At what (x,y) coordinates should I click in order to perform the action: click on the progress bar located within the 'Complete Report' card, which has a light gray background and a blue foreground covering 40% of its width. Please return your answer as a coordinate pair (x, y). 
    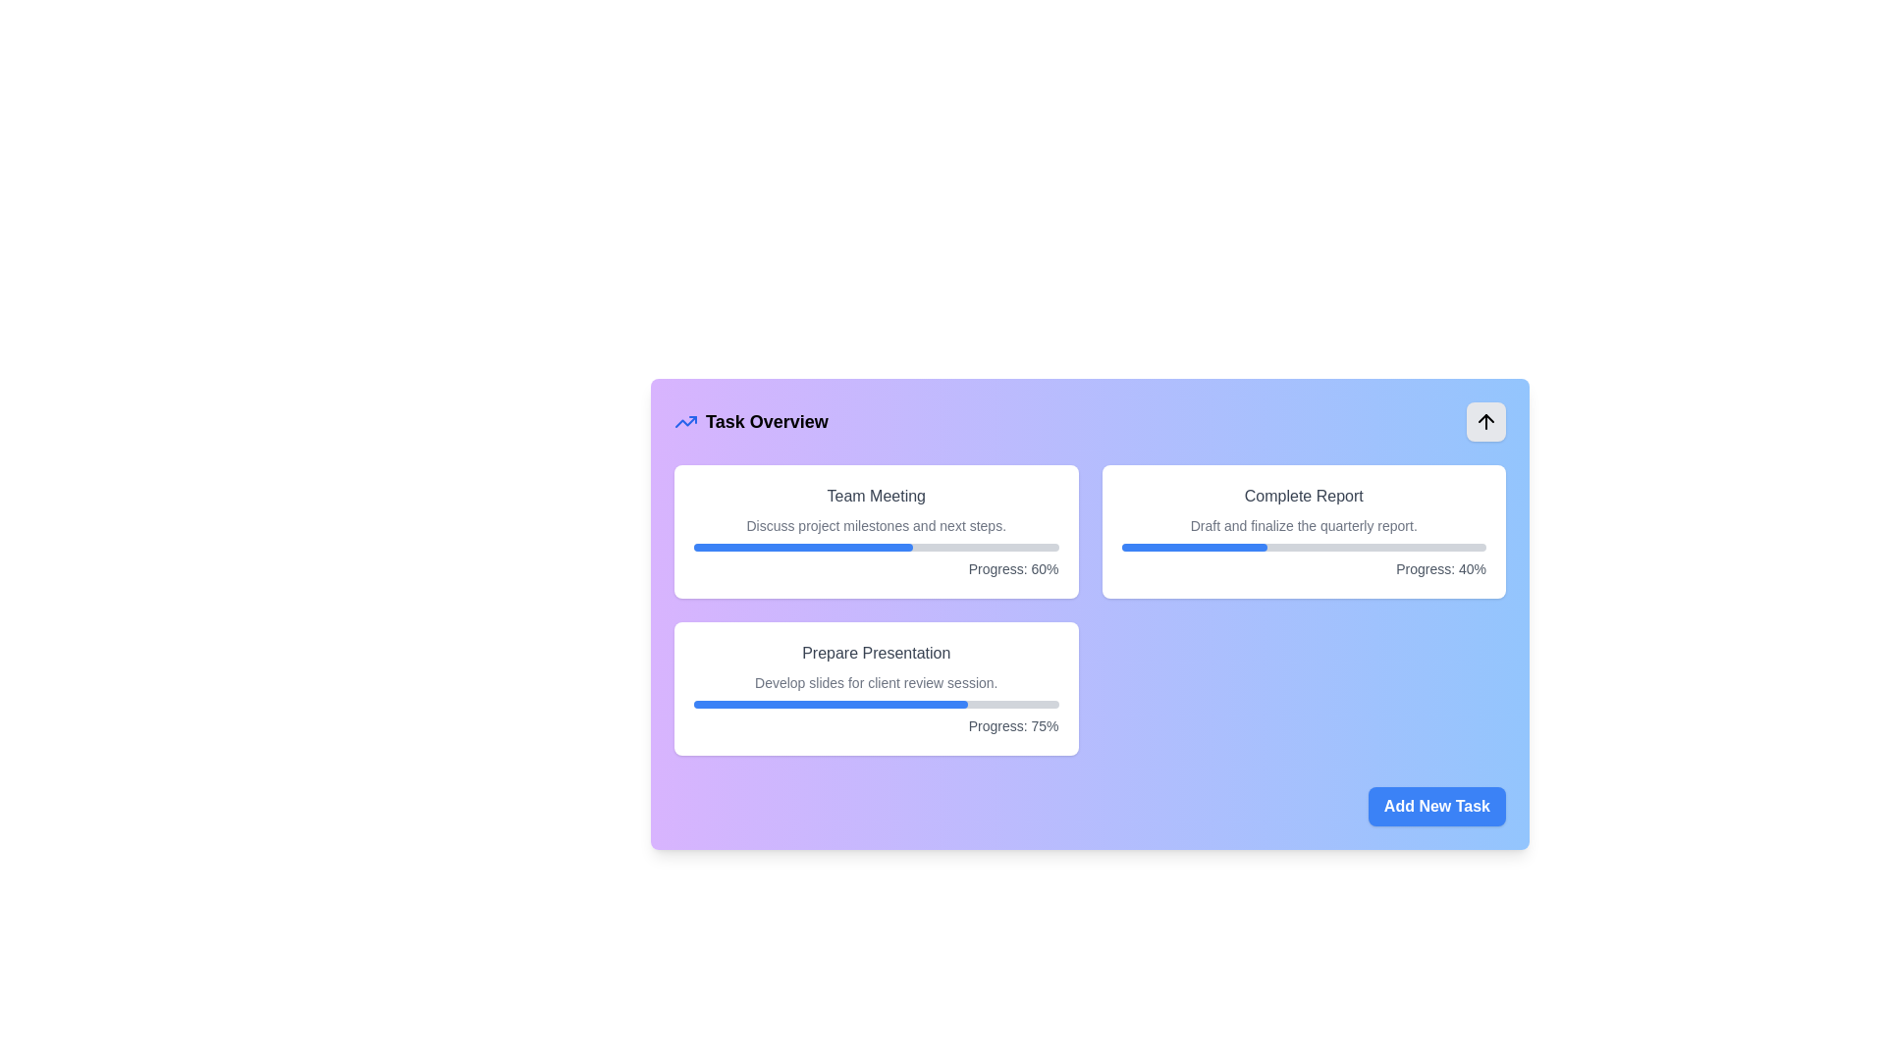
    Looking at the image, I should click on (1304, 548).